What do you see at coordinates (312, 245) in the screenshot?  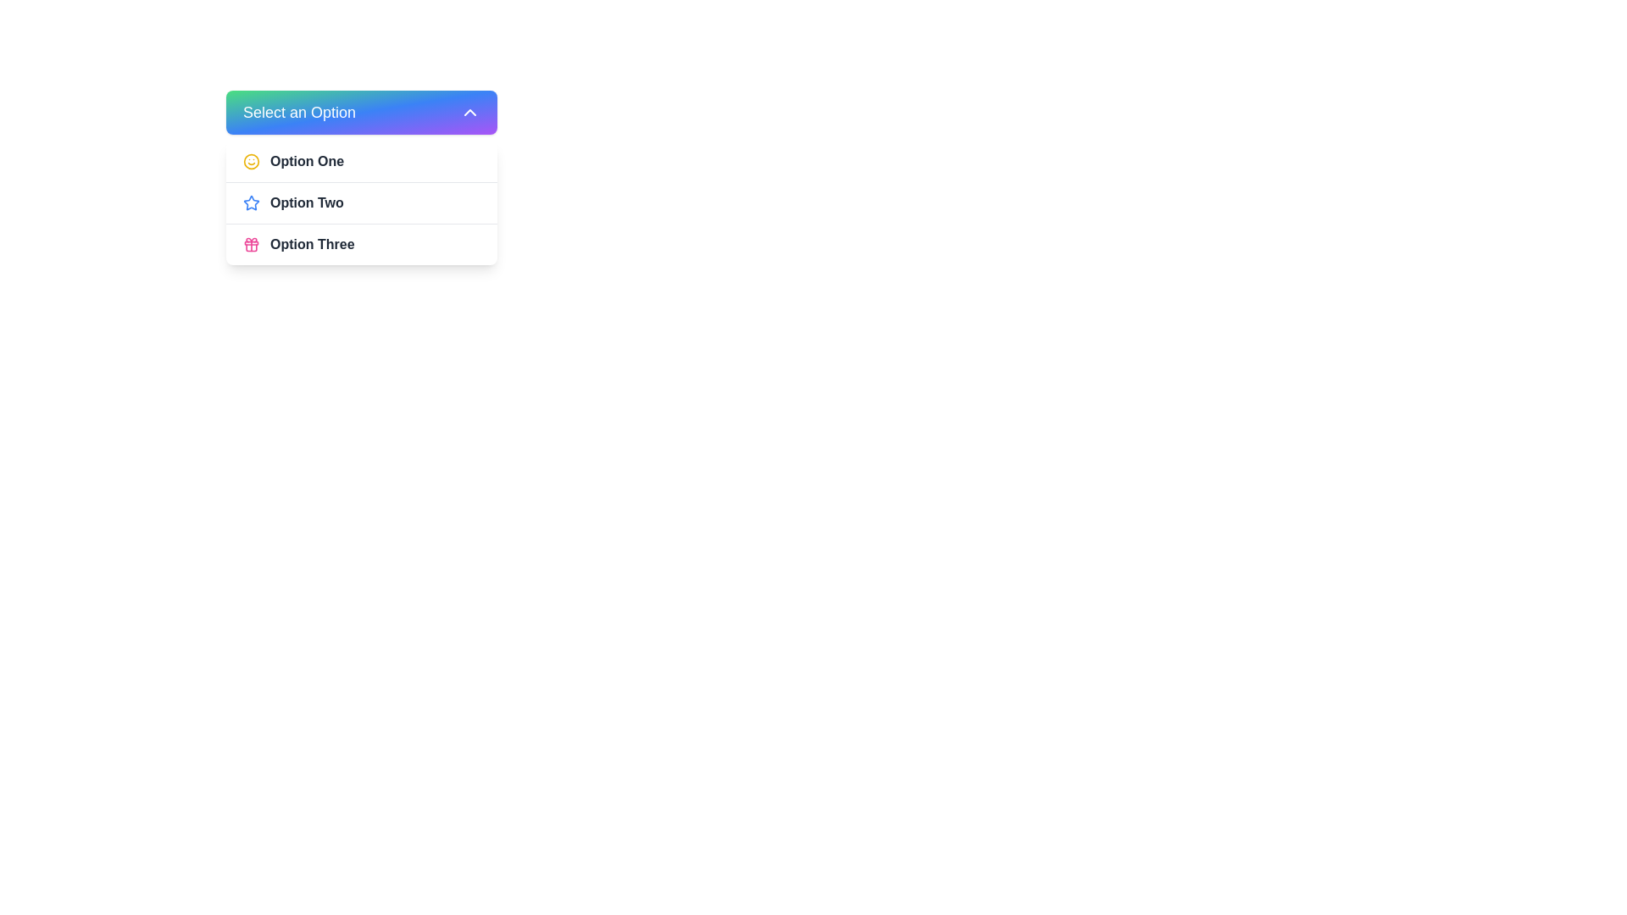 I see `the 'Option Three' text label in the dropdown menu, which is styled in bold dark gray and located at the bottom of the menu list` at bounding box center [312, 245].